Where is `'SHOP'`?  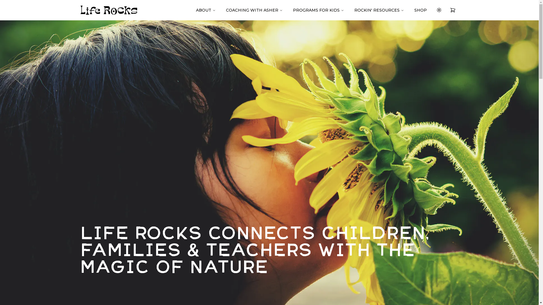
'SHOP' is located at coordinates (420, 10).